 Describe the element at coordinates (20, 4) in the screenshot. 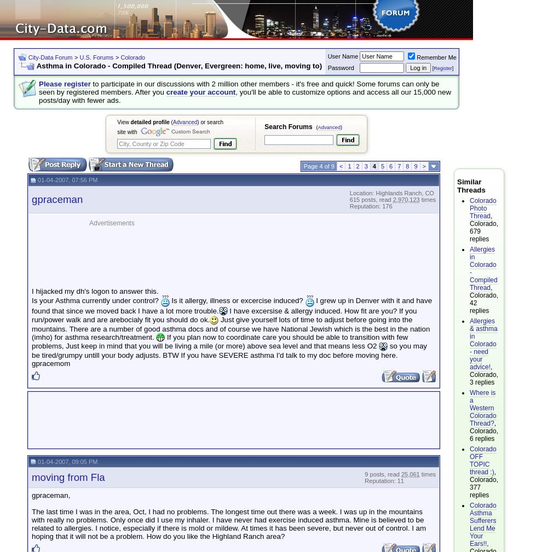

I see `'Settings'` at that location.